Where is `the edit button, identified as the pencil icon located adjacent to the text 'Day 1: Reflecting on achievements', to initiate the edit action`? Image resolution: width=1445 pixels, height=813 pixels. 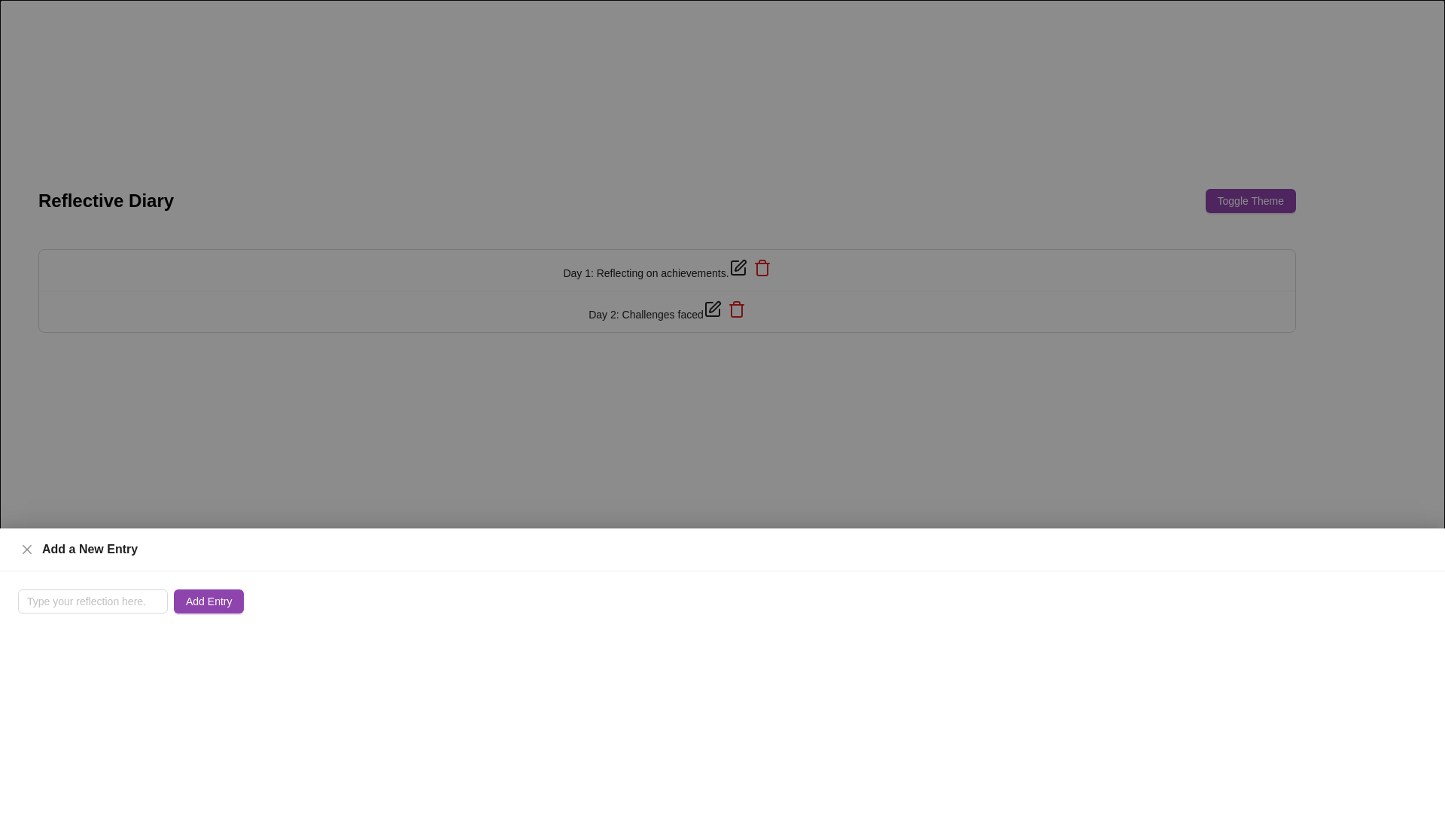 the edit button, identified as the pencil icon located adjacent to the text 'Day 1: Reflecting on achievements', to initiate the edit action is located at coordinates (738, 266).